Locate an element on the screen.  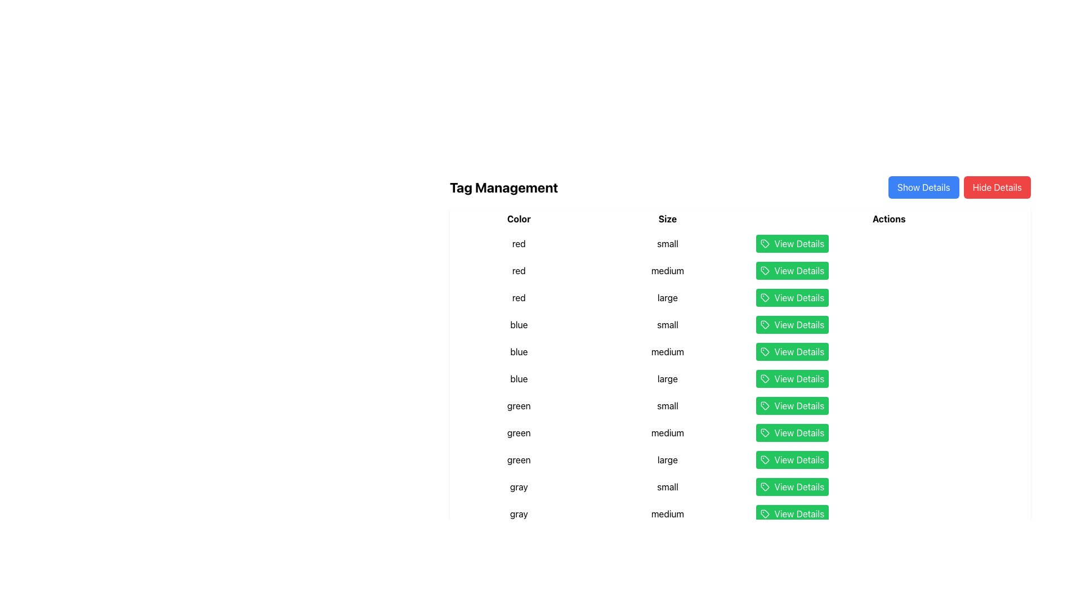
the 'View Details' button with a green background and white text located in the 'Actions' column of the table corresponding to the 'blue' color and 'small' size attributes is located at coordinates (792, 325).